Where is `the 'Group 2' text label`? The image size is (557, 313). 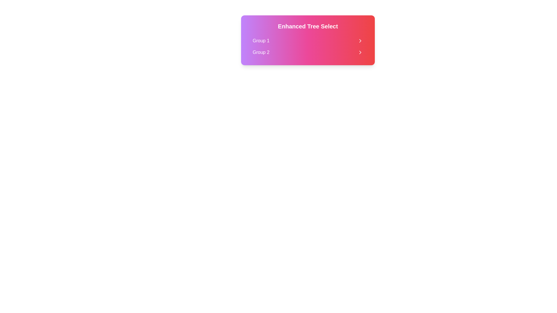
the 'Group 2' text label is located at coordinates (261, 52).